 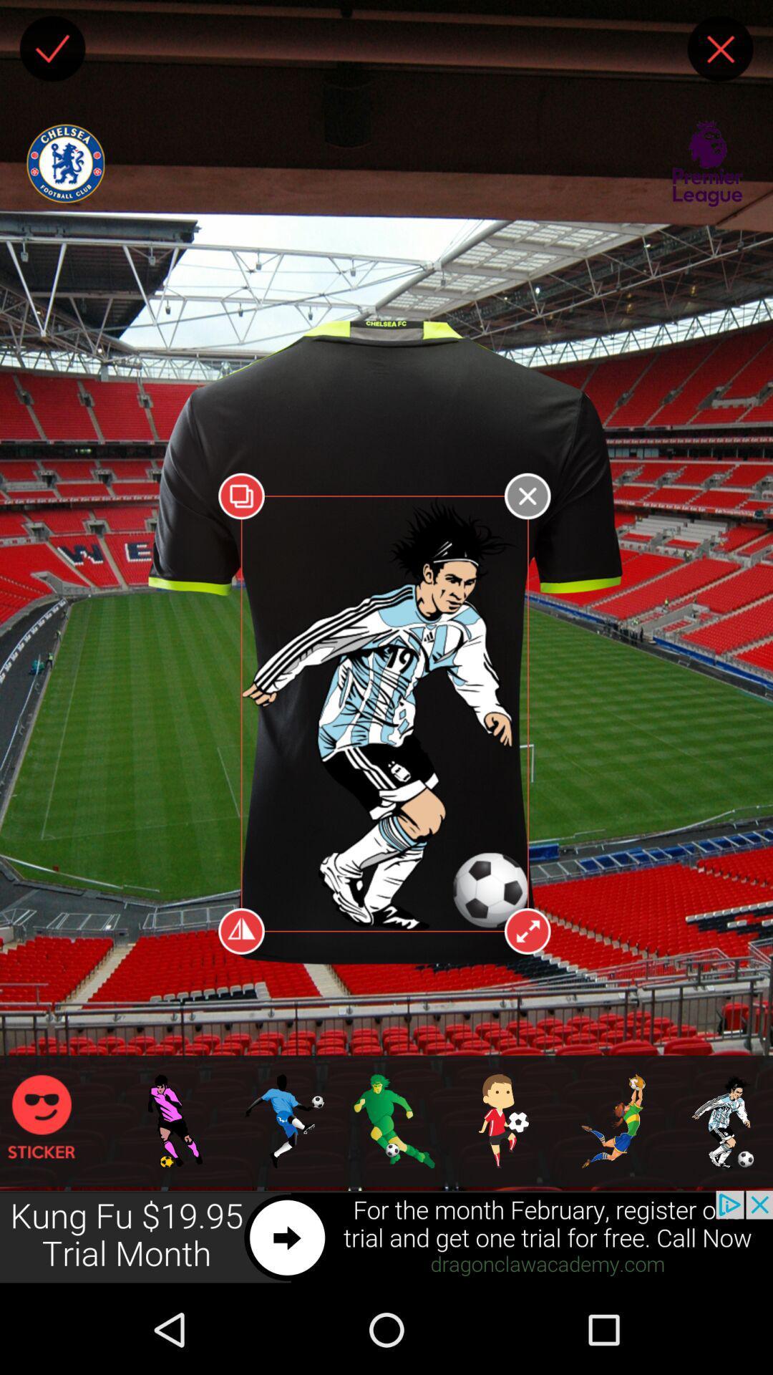 I want to click on leave page, so click(x=720, y=49).